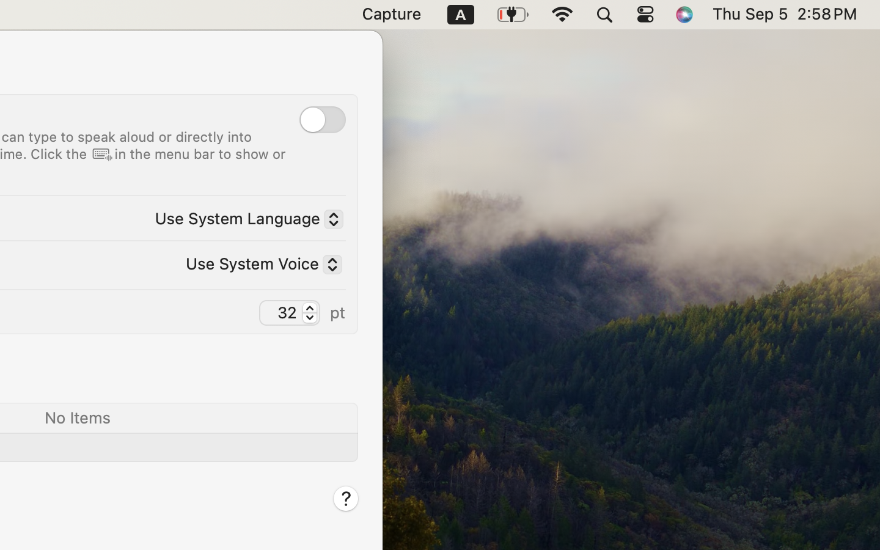  Describe the element at coordinates (309, 312) in the screenshot. I see `'32.0'` at that location.